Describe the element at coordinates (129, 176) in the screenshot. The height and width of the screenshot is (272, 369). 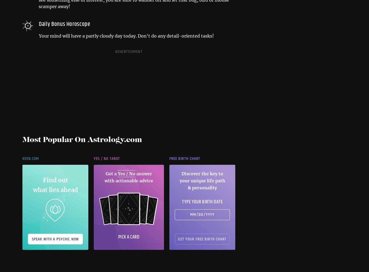
I see `'answer with actionable advice'` at that location.